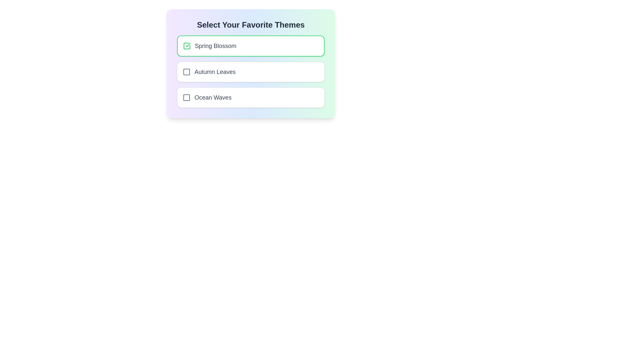  I want to click on the theme Autumn Leaves by clicking on its checkbox or label, so click(250, 72).